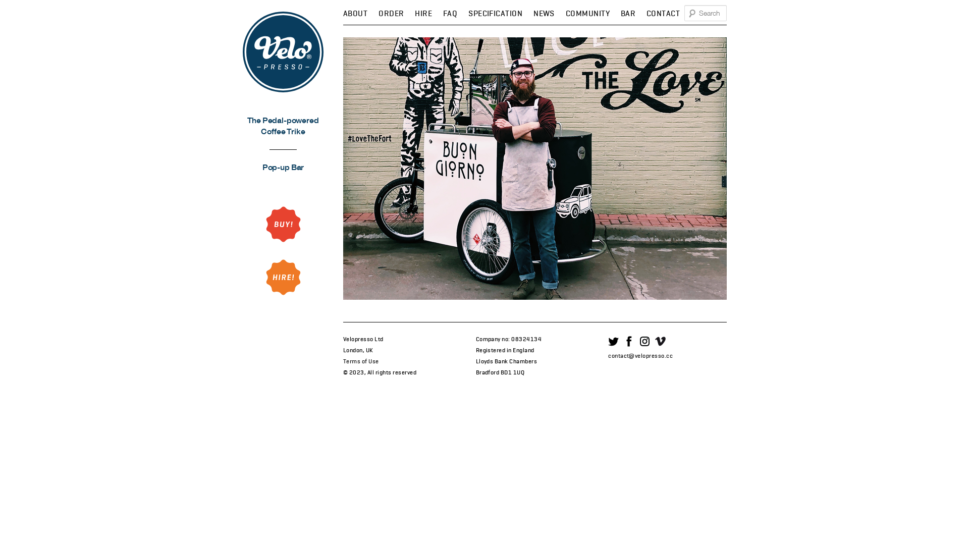  What do you see at coordinates (396, 14) in the screenshot?
I see `'ORDER'` at bounding box center [396, 14].